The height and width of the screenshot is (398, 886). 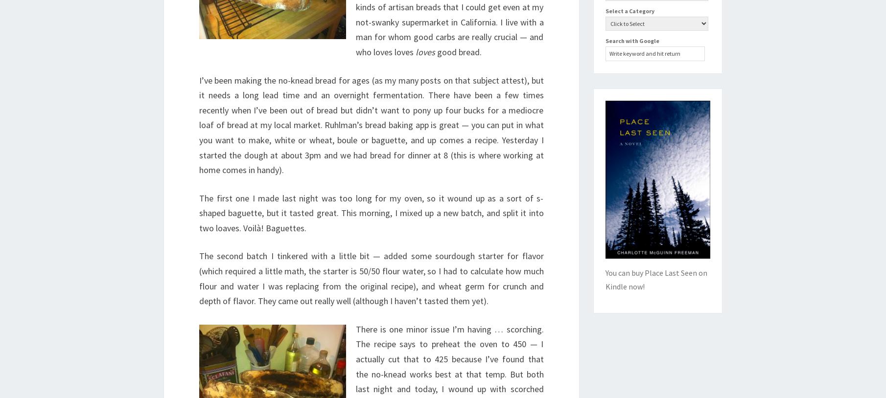 I want to click on 'good bread.', so click(x=458, y=51).